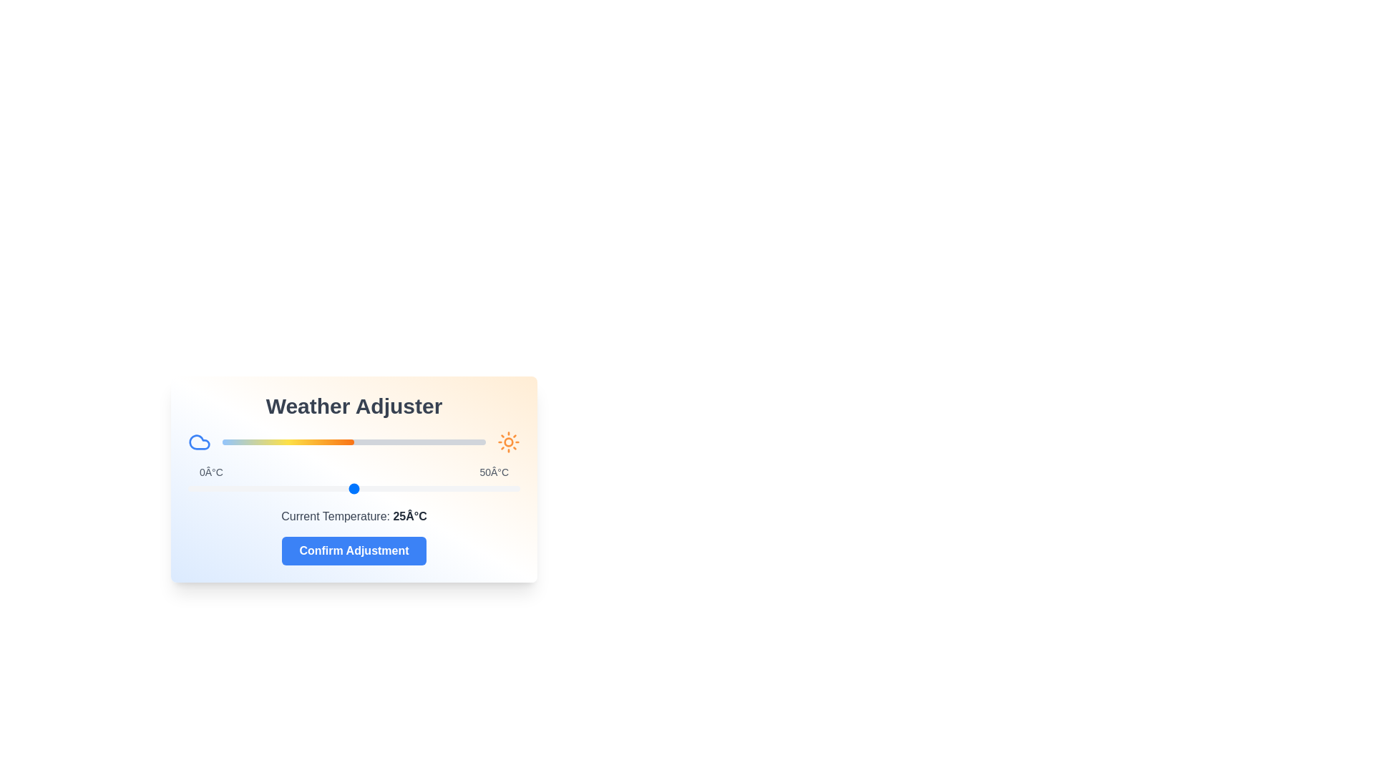 Image resolution: width=1374 pixels, height=773 pixels. Describe the element at coordinates (354, 550) in the screenshot. I see `the 'Confirm Adjustment' button to confirm the temperature adjustment` at that location.